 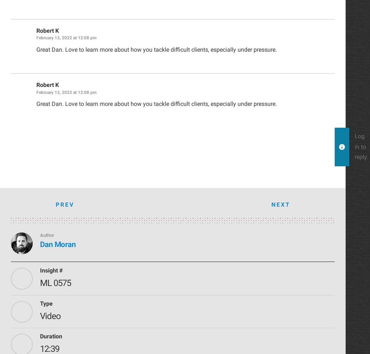 What do you see at coordinates (40, 244) in the screenshot?
I see `'Dan Moran'` at bounding box center [40, 244].